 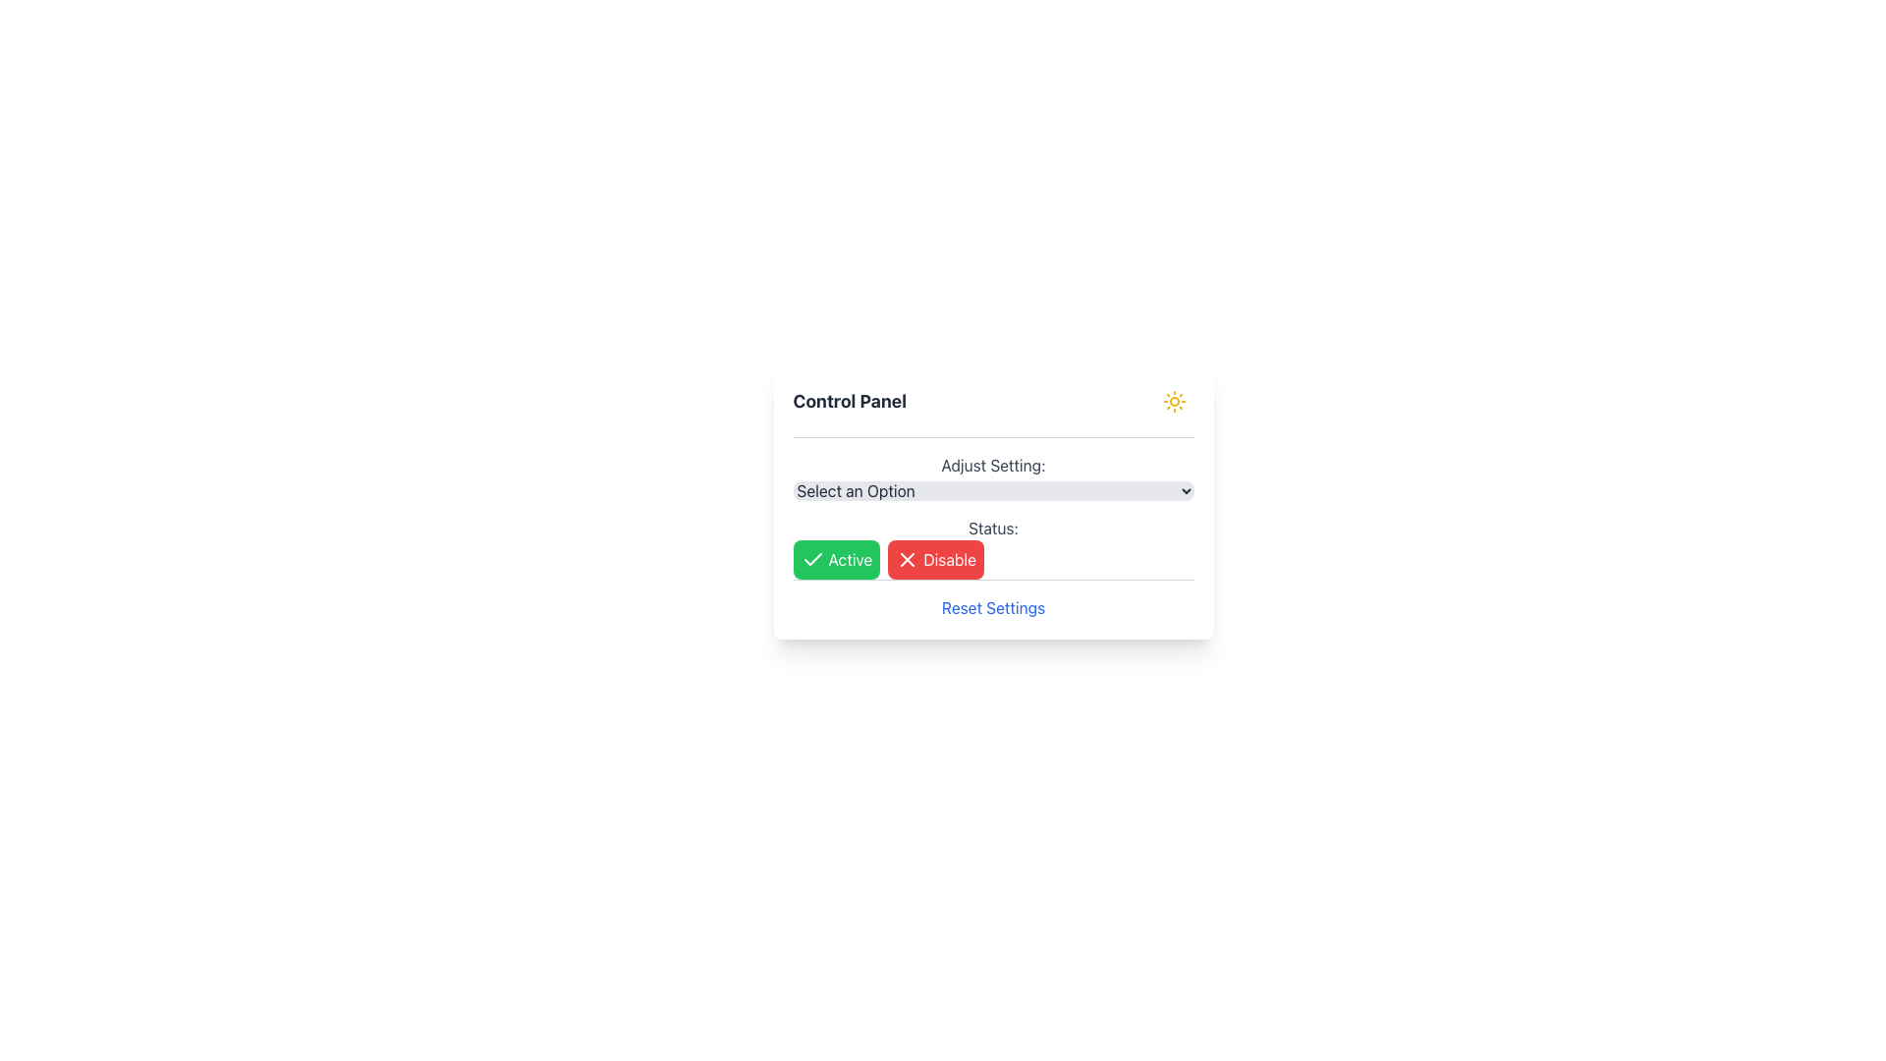 I want to click on the sun icon located at the top-right corner of the 'Control Panel' interface to change settings related to brightness or light mode, so click(x=1174, y=400).